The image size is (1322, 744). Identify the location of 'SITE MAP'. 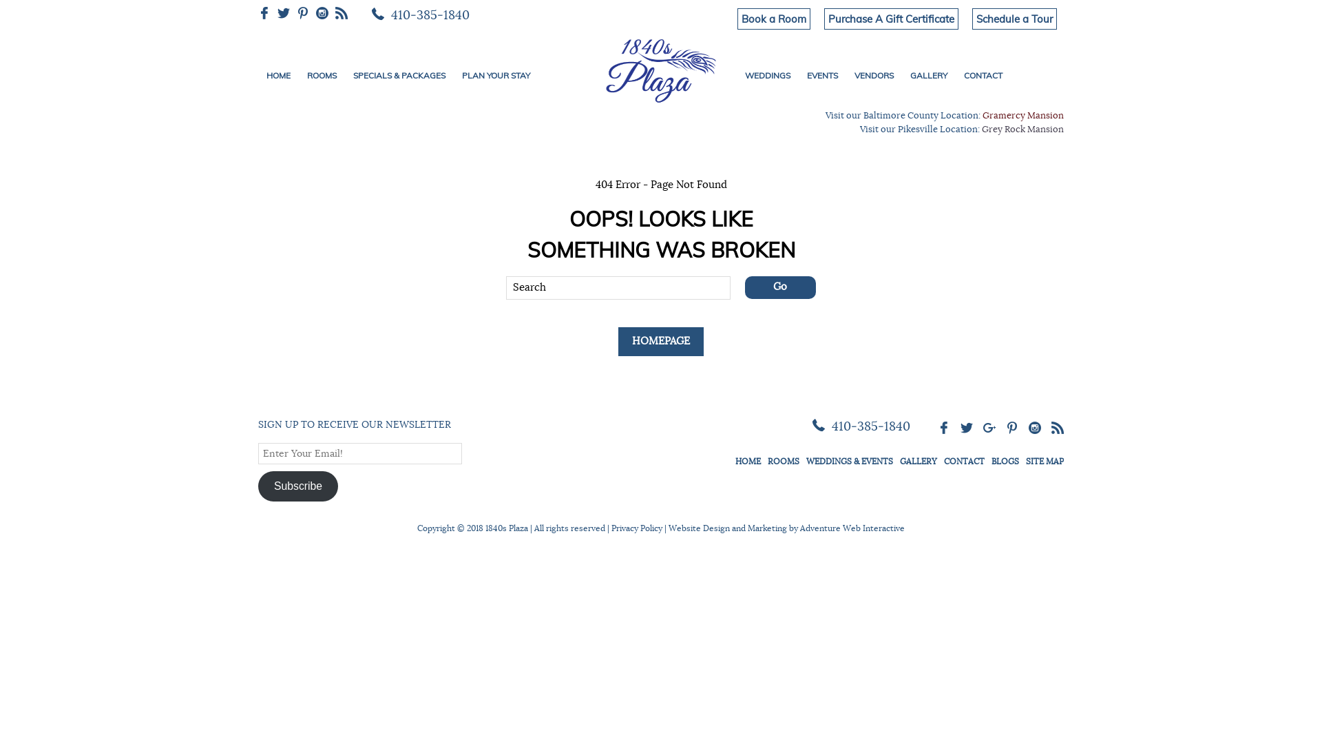
(1025, 462).